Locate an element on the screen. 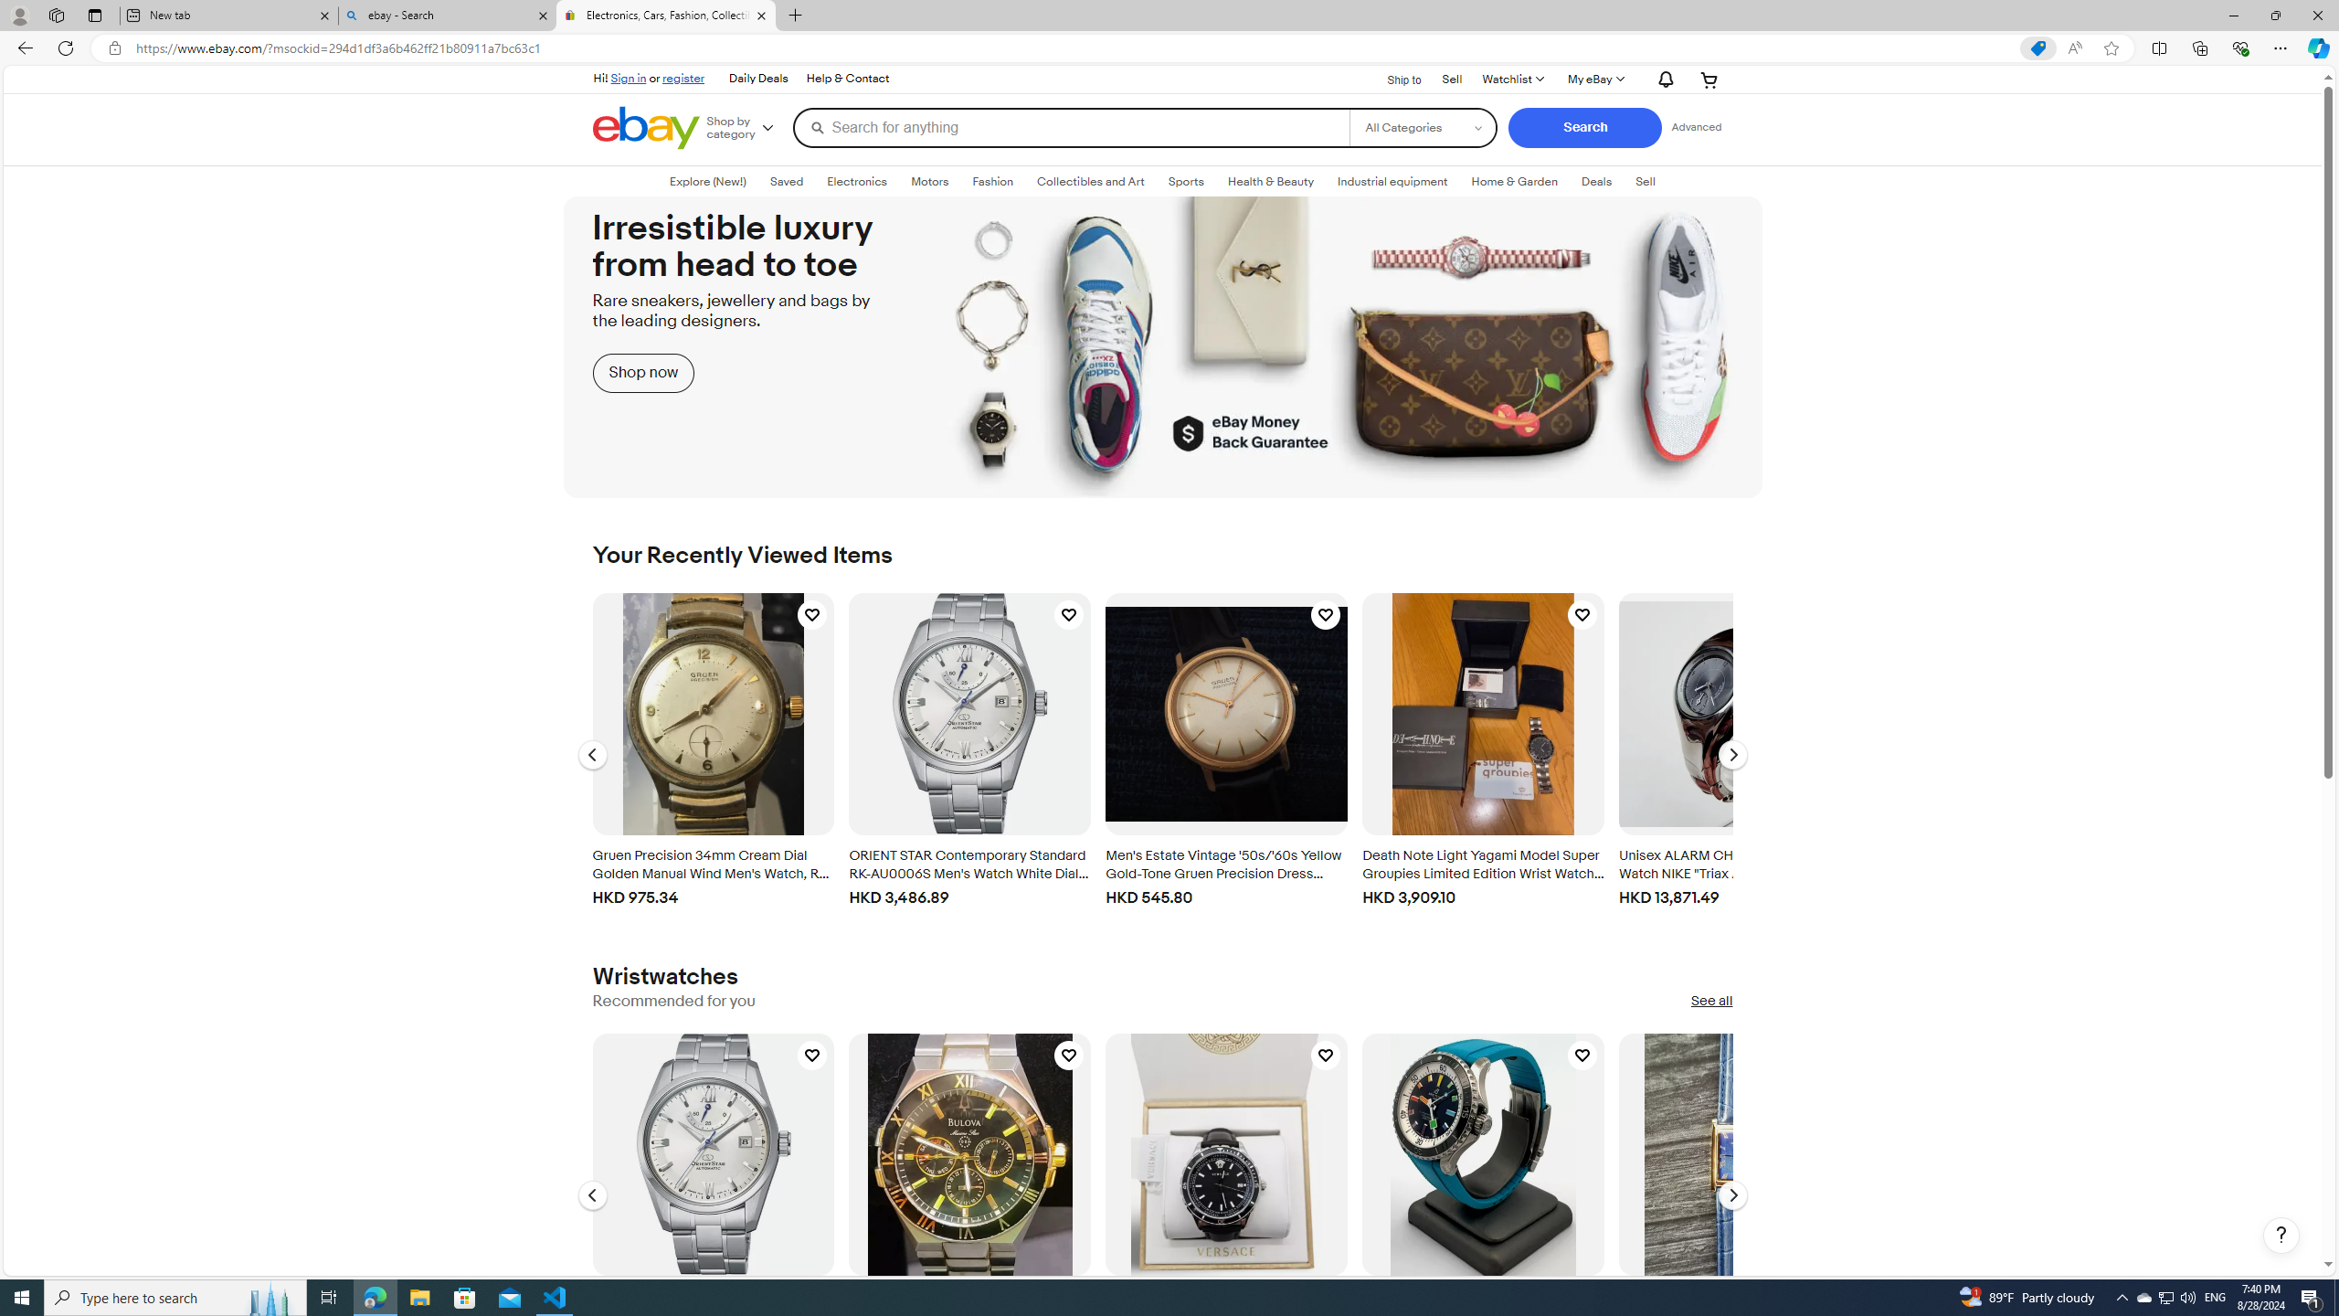 The image size is (2339, 1316). 'Industrial equipment' is located at coordinates (1392, 182).